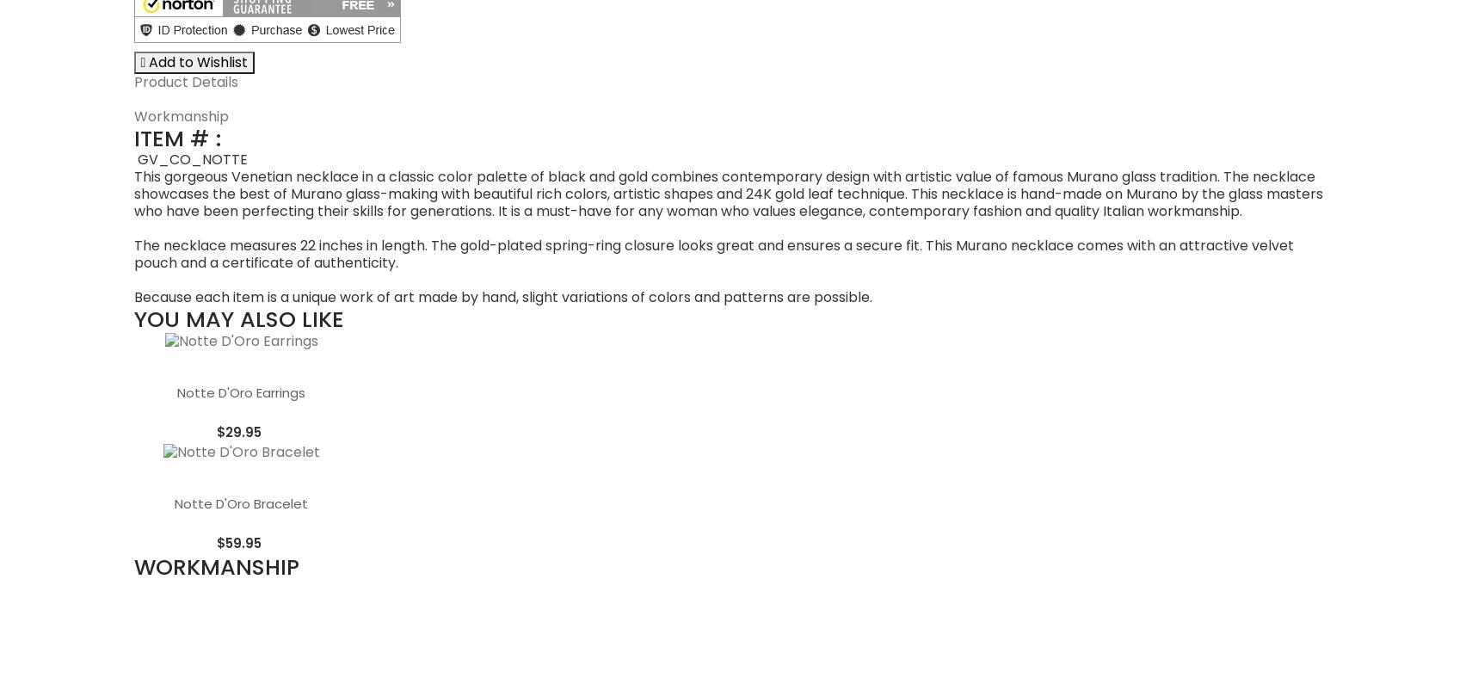  Describe the element at coordinates (734, 483) in the screenshot. I see `'The ultimate symbol of status and power, gold was always held in high regard in Venice. Once Murano Glass artisans learned how to infuse gold into their creations, their fame spread far beyond Venice. The captivating mix of 24K gold with transparent or colorful blown glass has been the secret of Venetian glass masters for centuries, the magic behind their artworks, which exude soft golden glow and sparkle gently in the light. More recently Murano artisans have been creating jewelry from Murano Glass beads lined with gold leaf. To create each bead the master wraps a very thin layer of 24K gold foil around the glass base under a flame, and then adds a layer of clear or colored glass on top. The gold-lined Murano Glass bead is then put into a special annealing camera, after which it is ready to become a pendant, be strung onto a necklace or bracelet, or used to create other jewelry. Enjoy your gold-infused Murano Glass jewelry, knowing that every bead was handcrafted with skill and utmost care in the famous glass workshops of Murano, Italy.'` at that location.